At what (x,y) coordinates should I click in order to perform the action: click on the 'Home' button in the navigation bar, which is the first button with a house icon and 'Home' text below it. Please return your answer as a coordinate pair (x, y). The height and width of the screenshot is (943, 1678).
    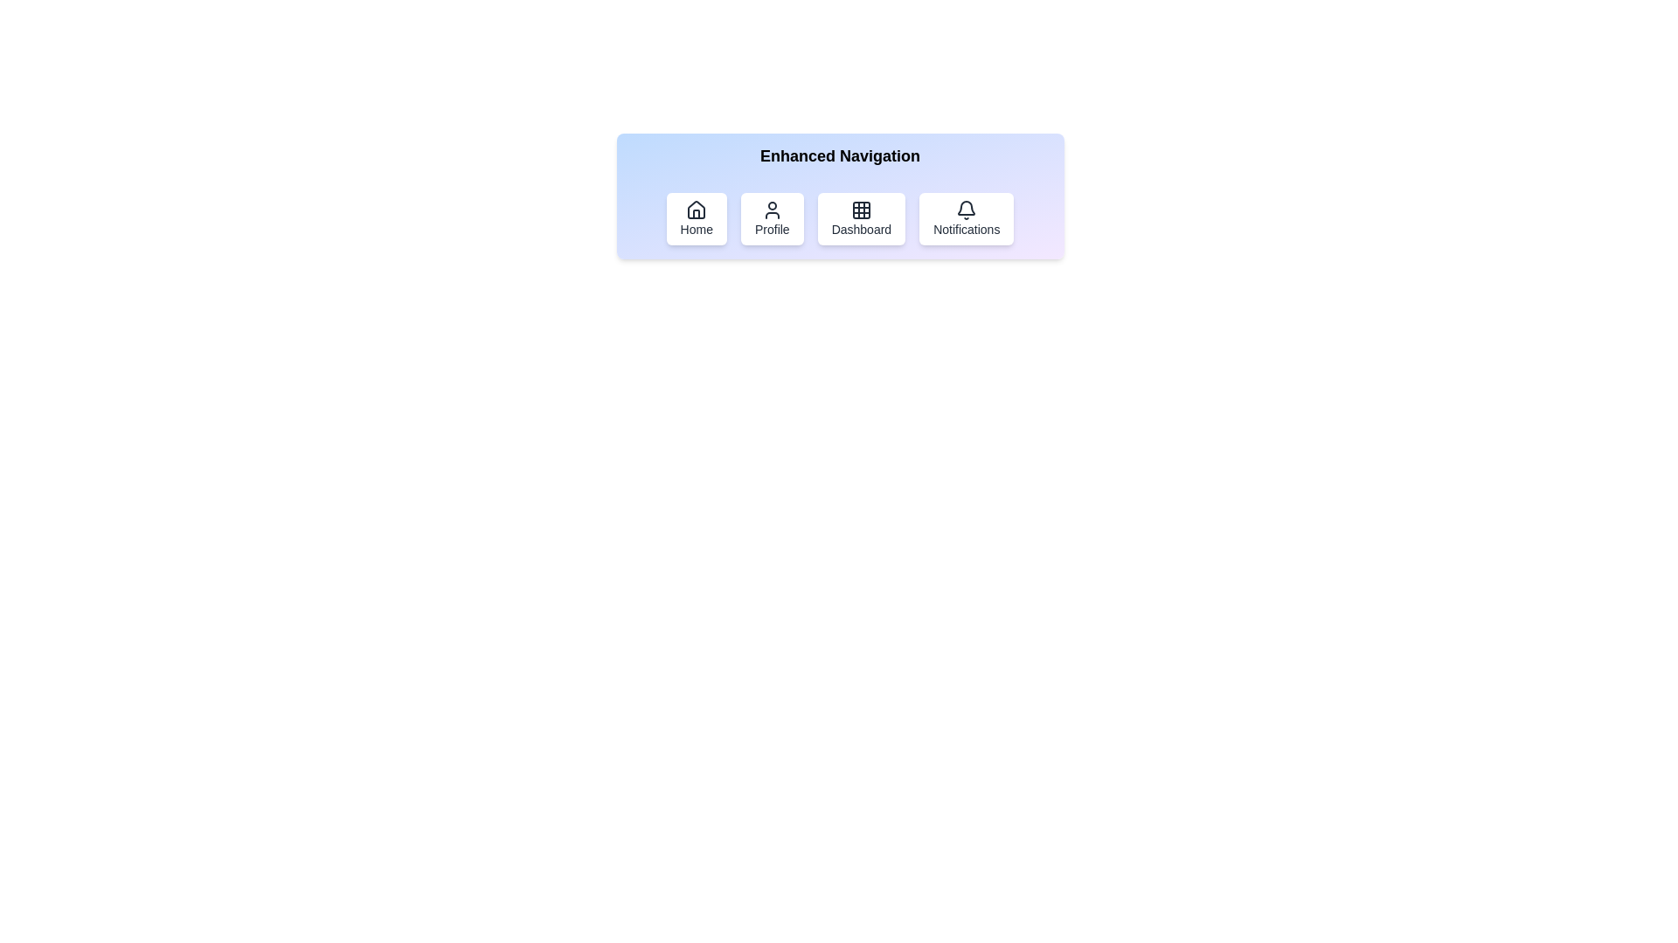
    Looking at the image, I should click on (696, 217).